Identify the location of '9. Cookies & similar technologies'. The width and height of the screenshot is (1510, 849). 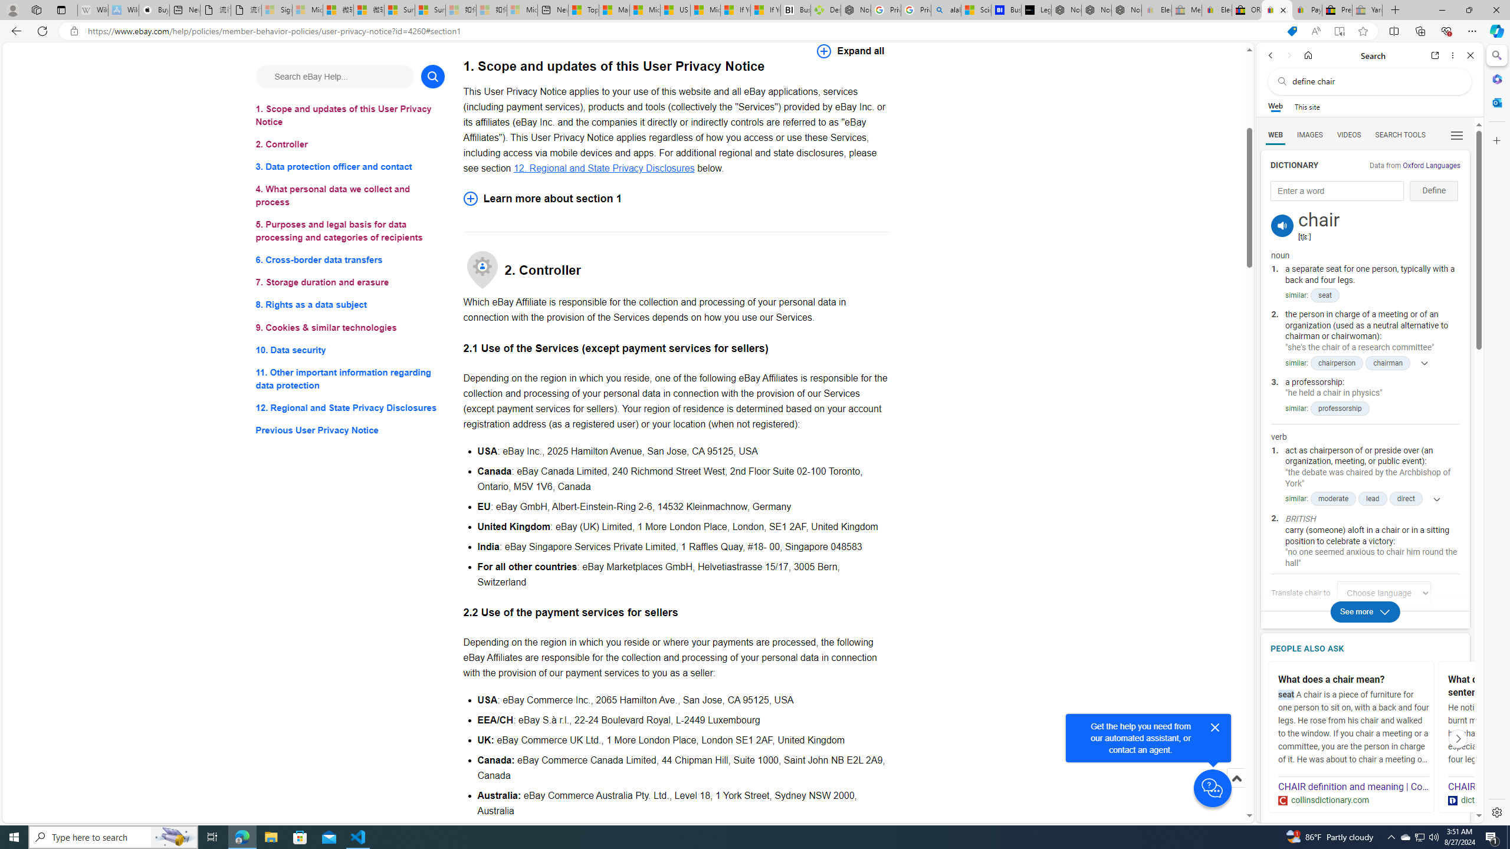
(349, 327).